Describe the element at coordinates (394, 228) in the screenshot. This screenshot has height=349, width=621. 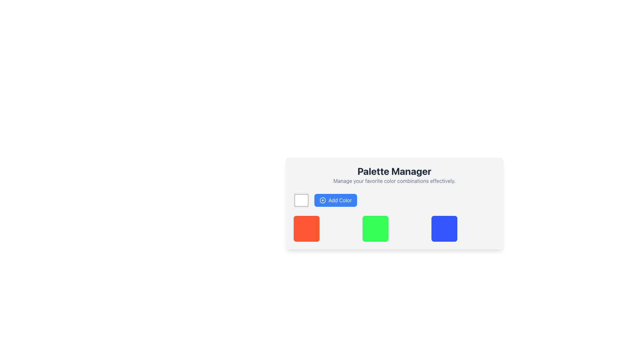
I see `the Color Preview Block, which is a rectangular UI component with a green square on the left and a transparent section on the right, located in the 'Palette Manager' between a red square and a blue square` at that location.